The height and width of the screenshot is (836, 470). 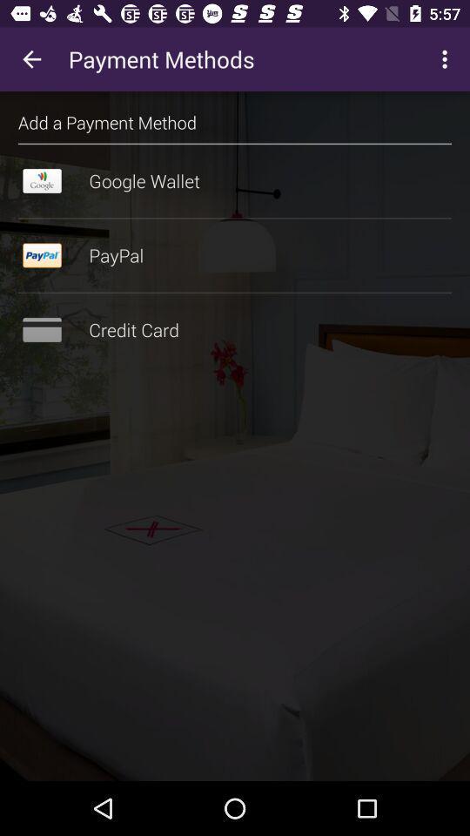 What do you see at coordinates (107, 121) in the screenshot?
I see `the add a payment icon` at bounding box center [107, 121].